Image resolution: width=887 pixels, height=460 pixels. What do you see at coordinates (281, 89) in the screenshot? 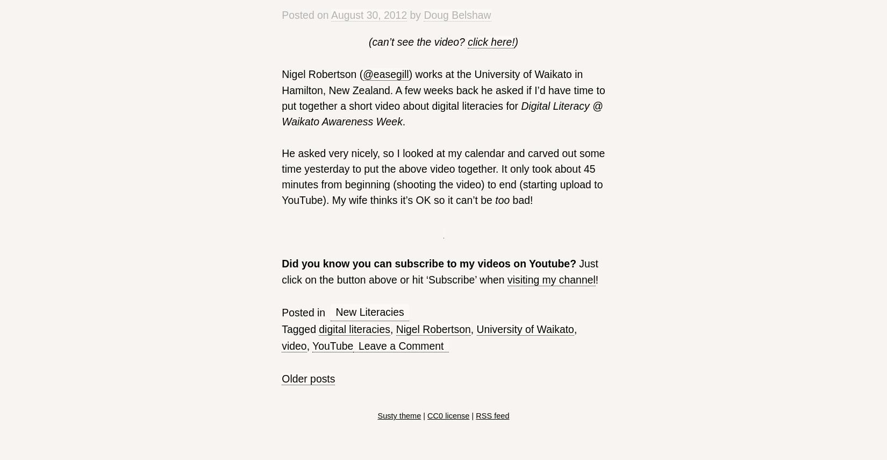
I see `') works at the University of Waikato in Hamilton, New Zealand. A few weeks back he asked if I’d have time to put together a short video about digital literacies for'` at bounding box center [281, 89].